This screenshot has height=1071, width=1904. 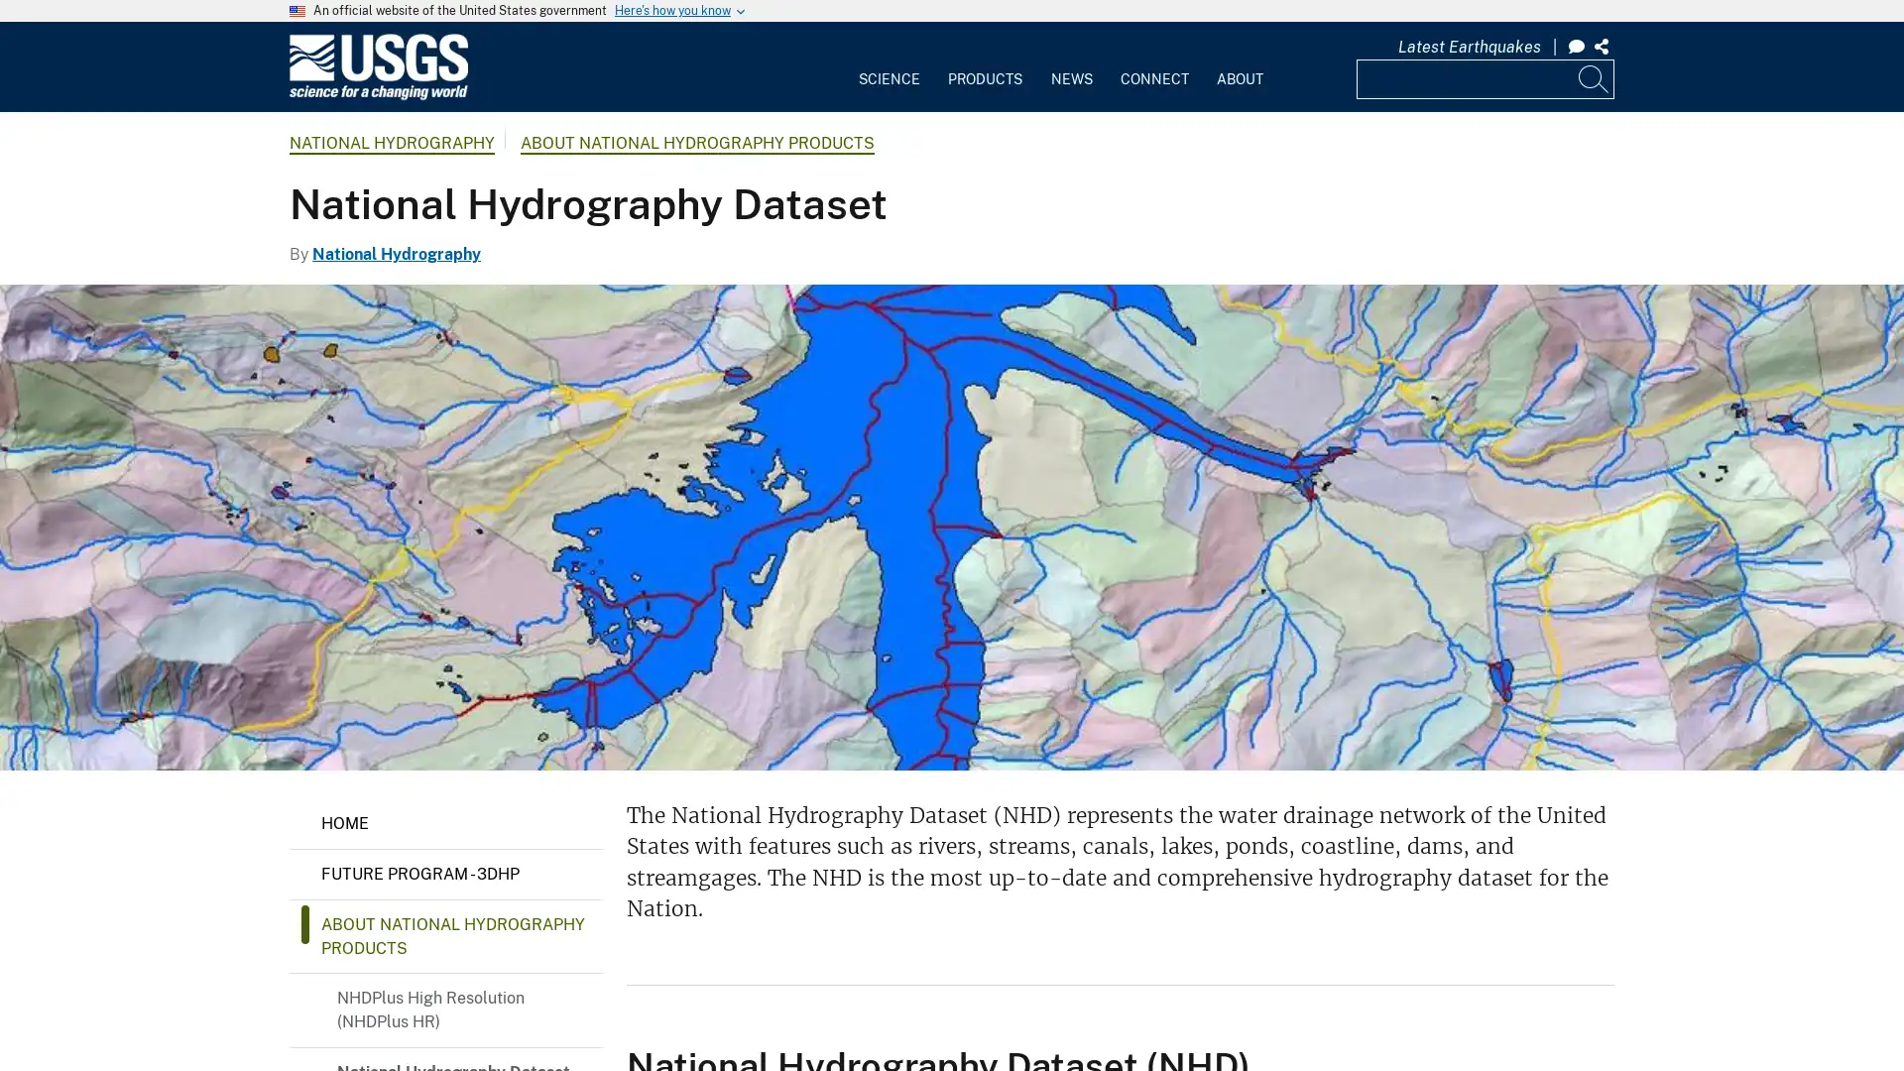 I want to click on Here's how you know, so click(x=672, y=11).